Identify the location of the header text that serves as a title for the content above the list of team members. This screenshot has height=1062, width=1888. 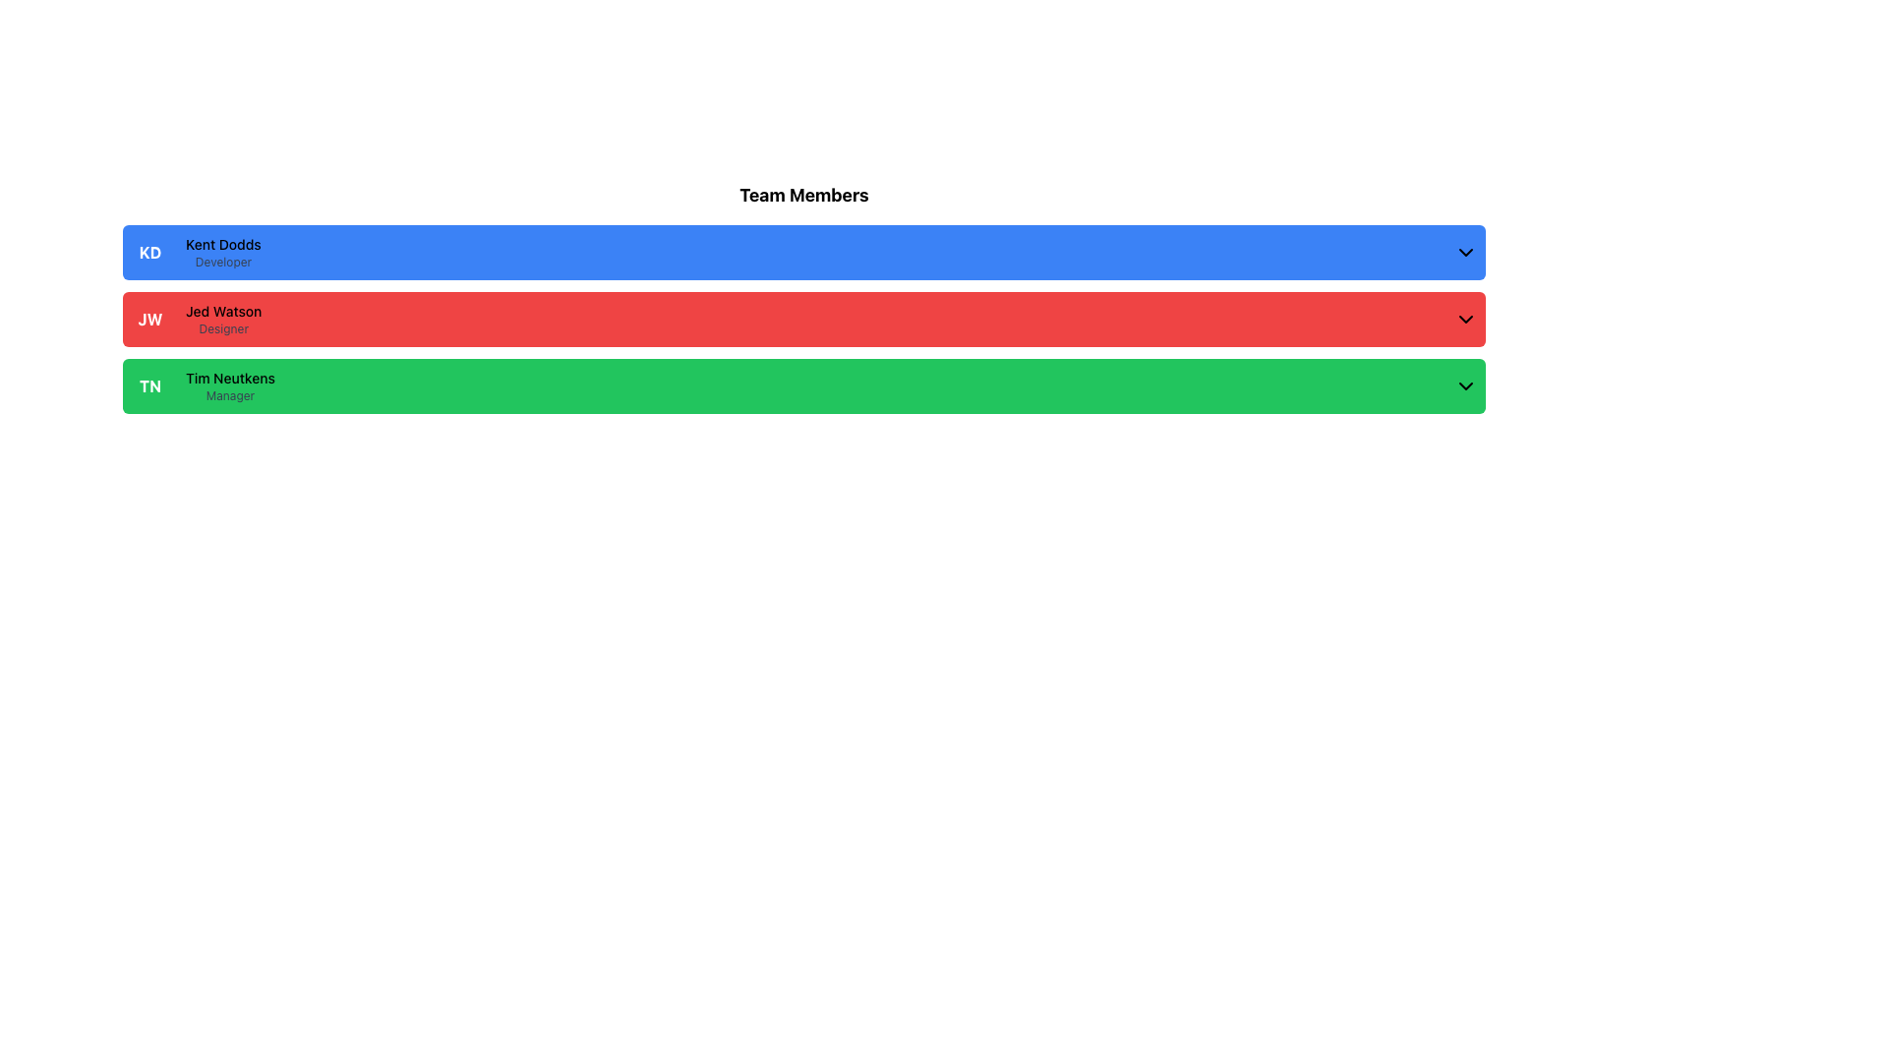
(803, 196).